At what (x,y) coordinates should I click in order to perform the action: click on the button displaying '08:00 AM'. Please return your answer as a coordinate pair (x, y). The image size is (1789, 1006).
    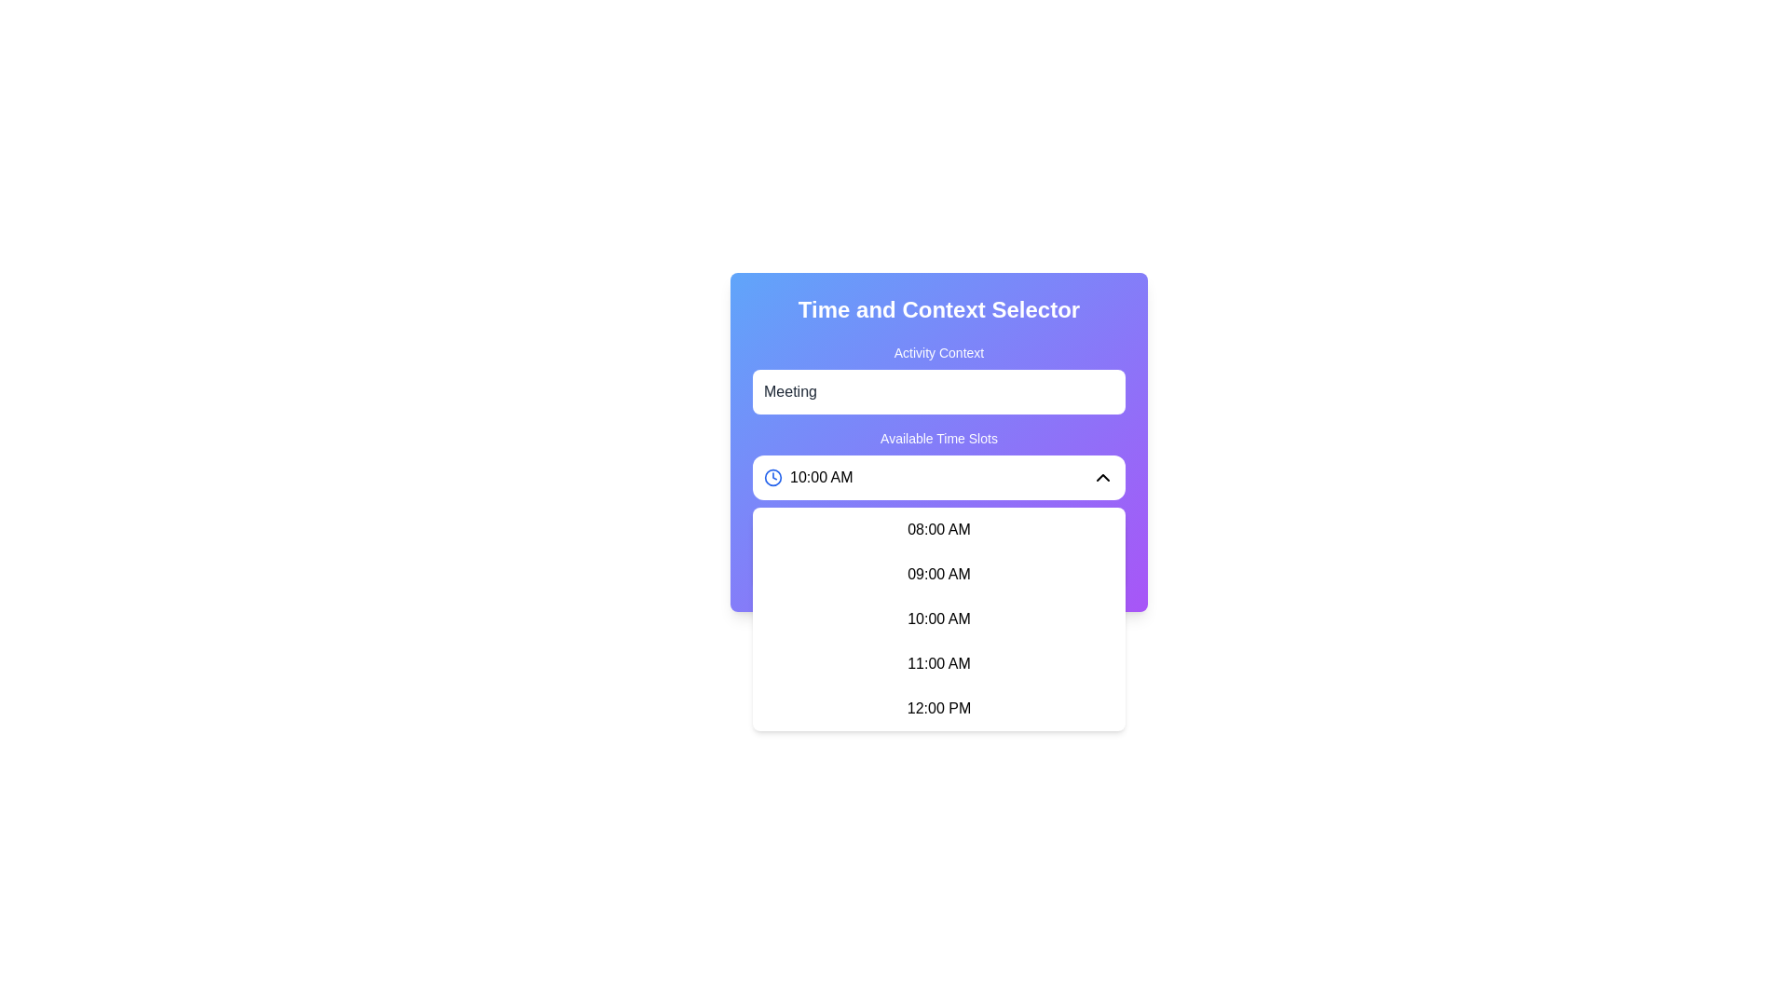
    Looking at the image, I should click on (939, 530).